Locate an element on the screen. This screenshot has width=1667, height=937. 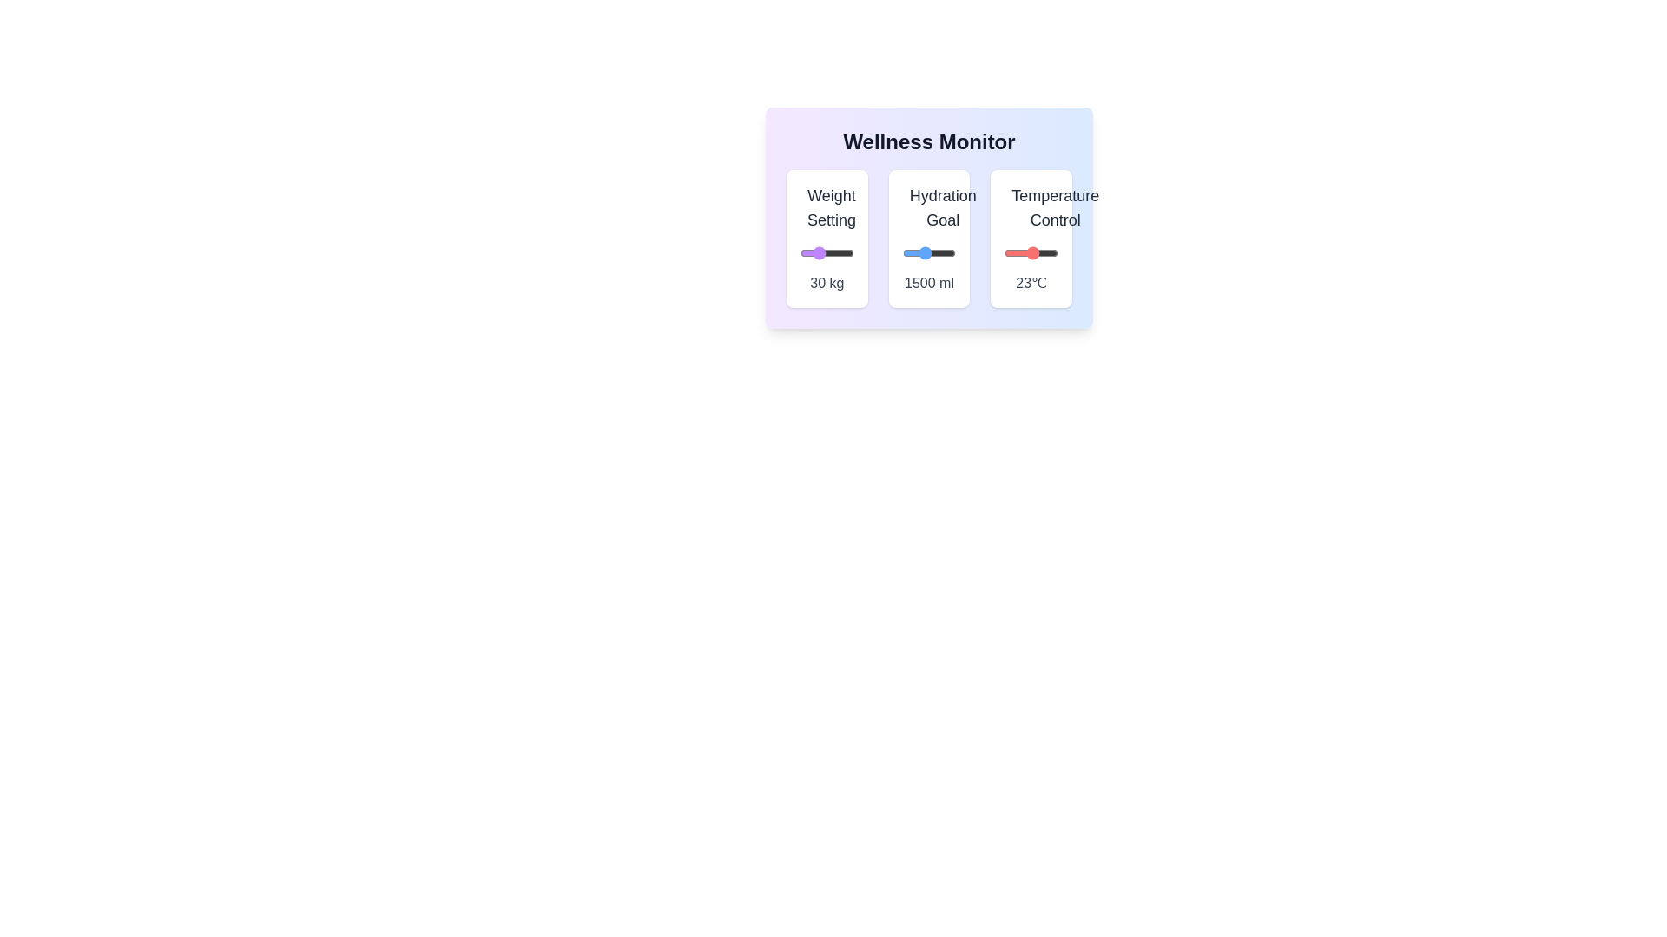
the blue droplet SVG icon within the 'Hydration Goal' section of the second card under 'Wellness Monitor' is located at coordinates (912, 207).